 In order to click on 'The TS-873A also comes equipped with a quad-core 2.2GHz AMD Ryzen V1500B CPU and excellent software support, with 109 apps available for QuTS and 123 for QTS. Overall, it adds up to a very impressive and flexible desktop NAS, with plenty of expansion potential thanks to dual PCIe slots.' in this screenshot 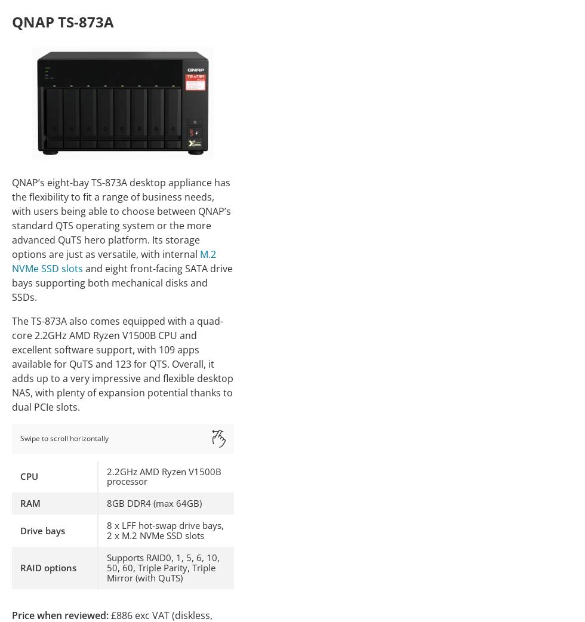, I will do `click(11, 364)`.